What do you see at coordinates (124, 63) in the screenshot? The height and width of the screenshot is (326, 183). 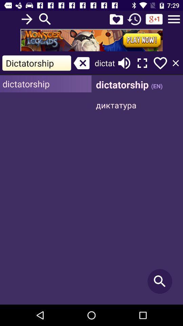 I see `speak loudly` at bounding box center [124, 63].